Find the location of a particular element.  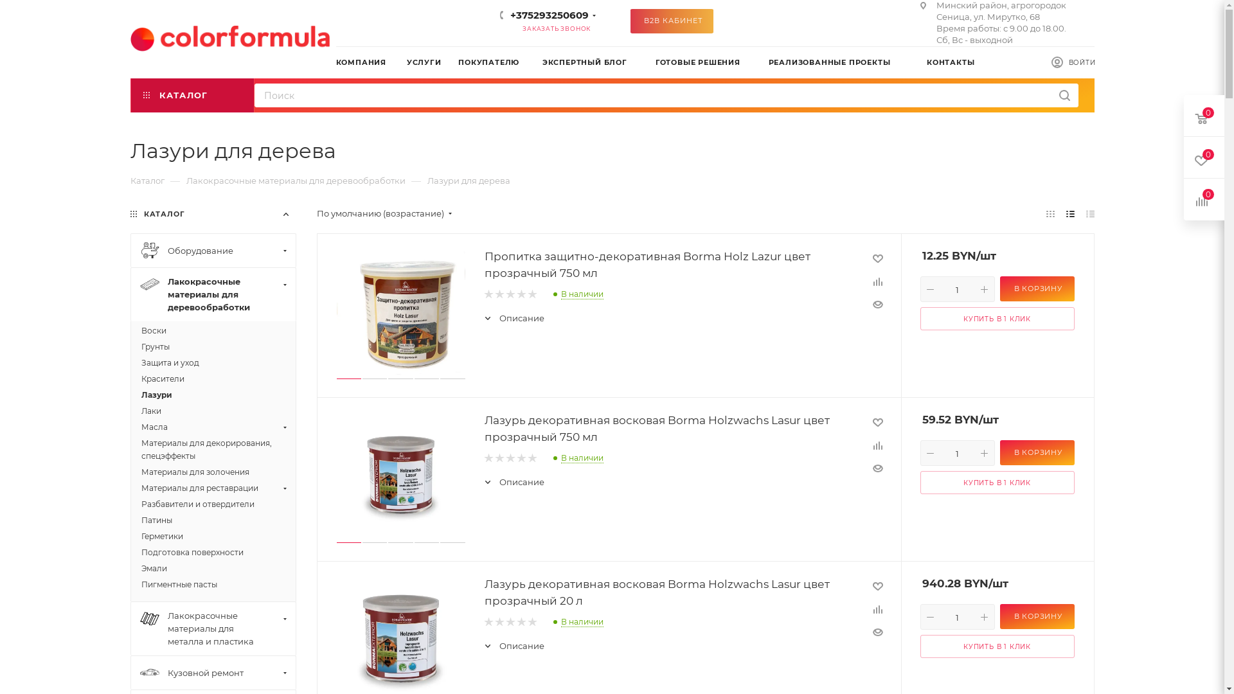

'+375293250609' is located at coordinates (549, 15).